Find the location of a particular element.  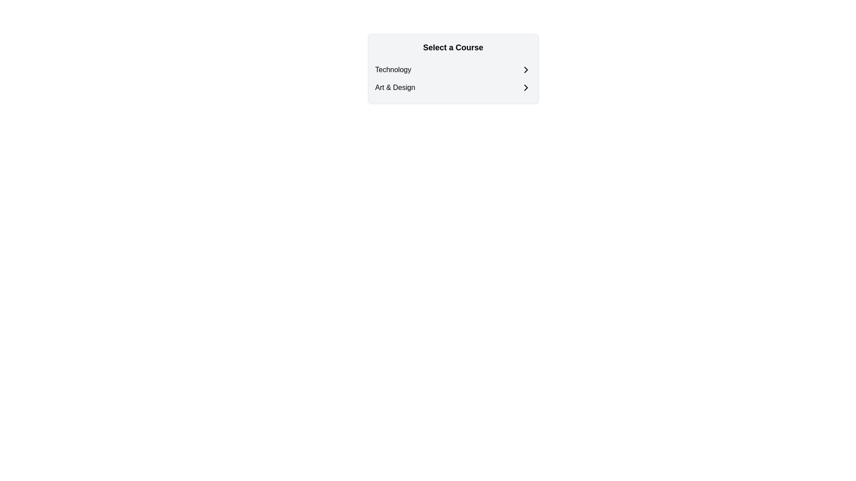

the 'Technology' selection option in the 'Select a Course' menu is located at coordinates (453, 69).